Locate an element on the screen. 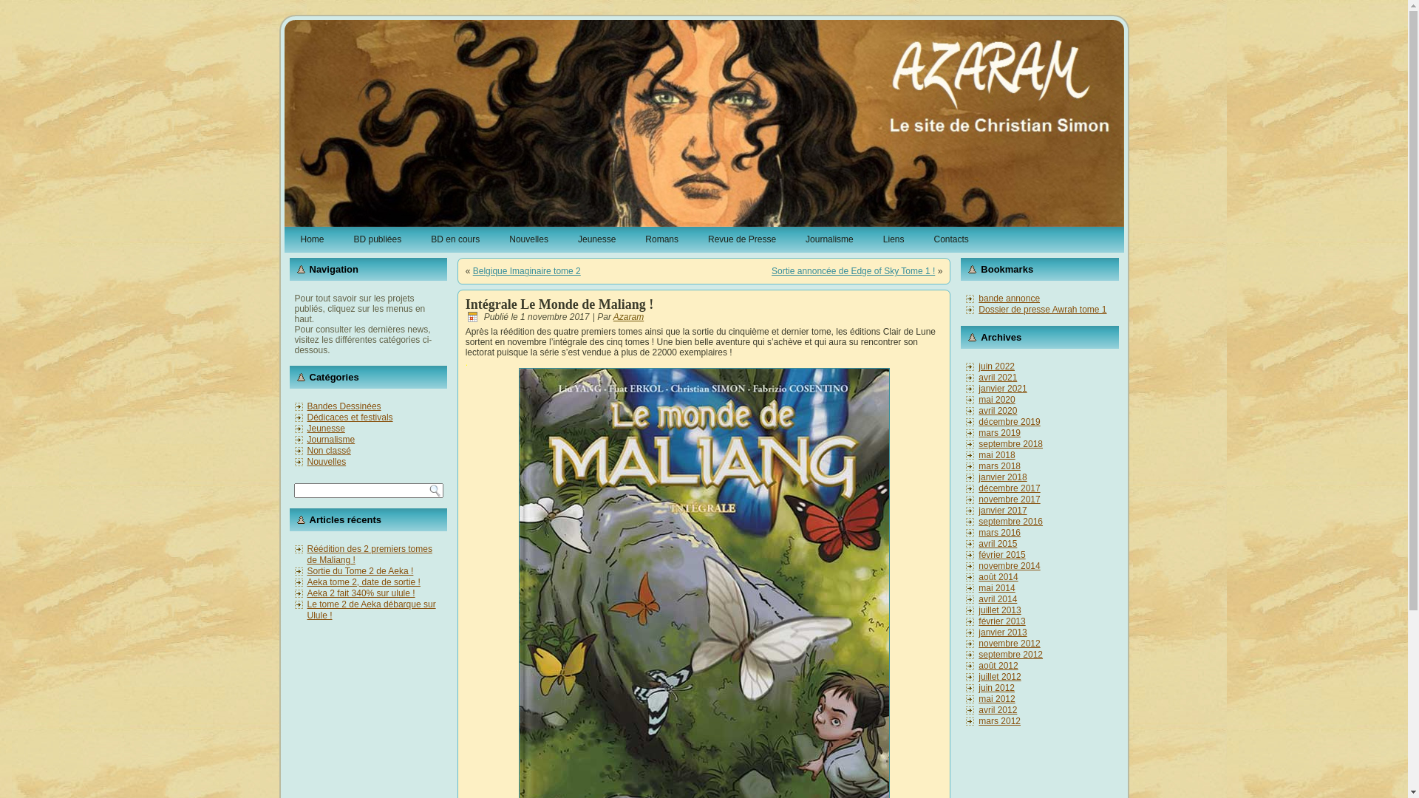  'Jeunesse' is located at coordinates (596, 239).